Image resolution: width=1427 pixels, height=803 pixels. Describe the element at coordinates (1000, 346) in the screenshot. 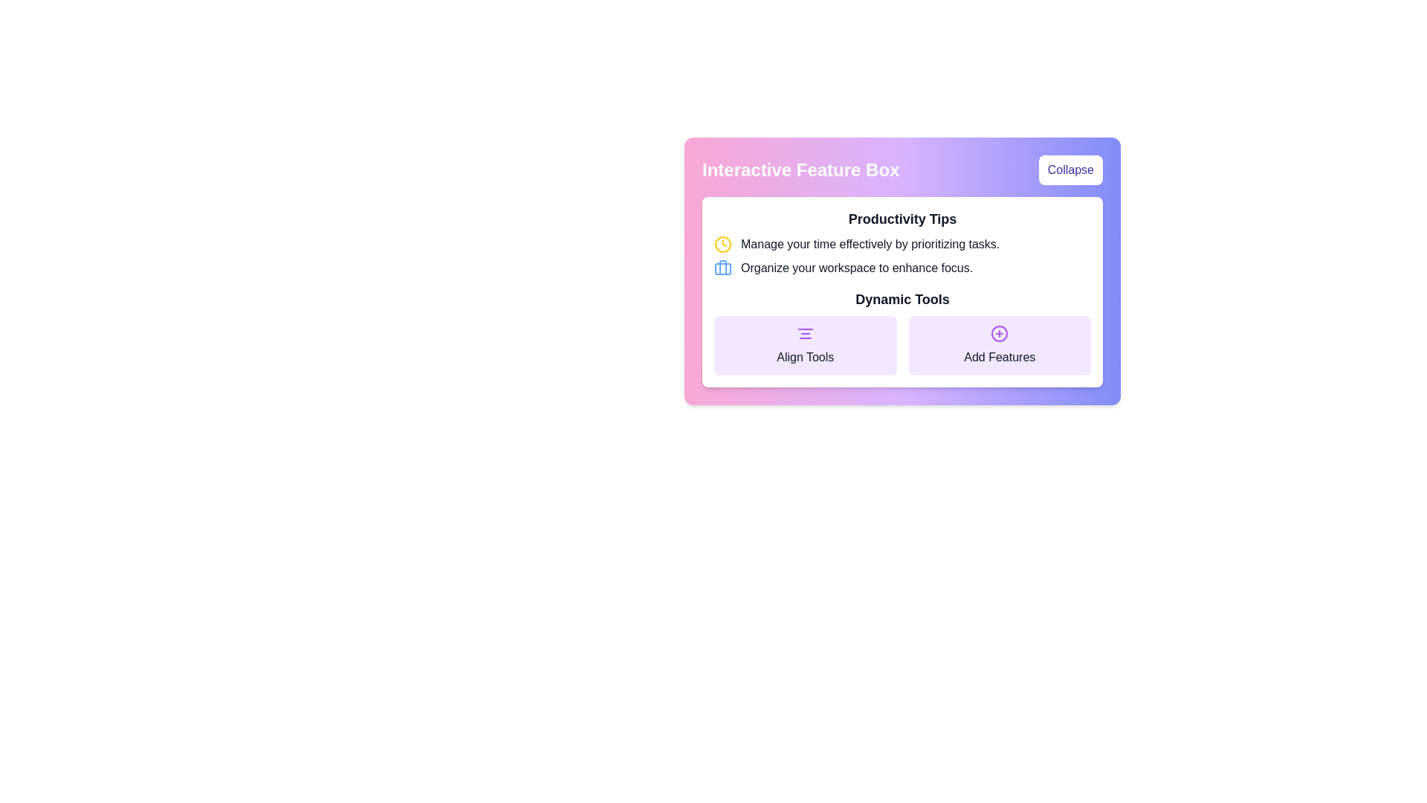

I see `the 'Add Features' button` at that location.